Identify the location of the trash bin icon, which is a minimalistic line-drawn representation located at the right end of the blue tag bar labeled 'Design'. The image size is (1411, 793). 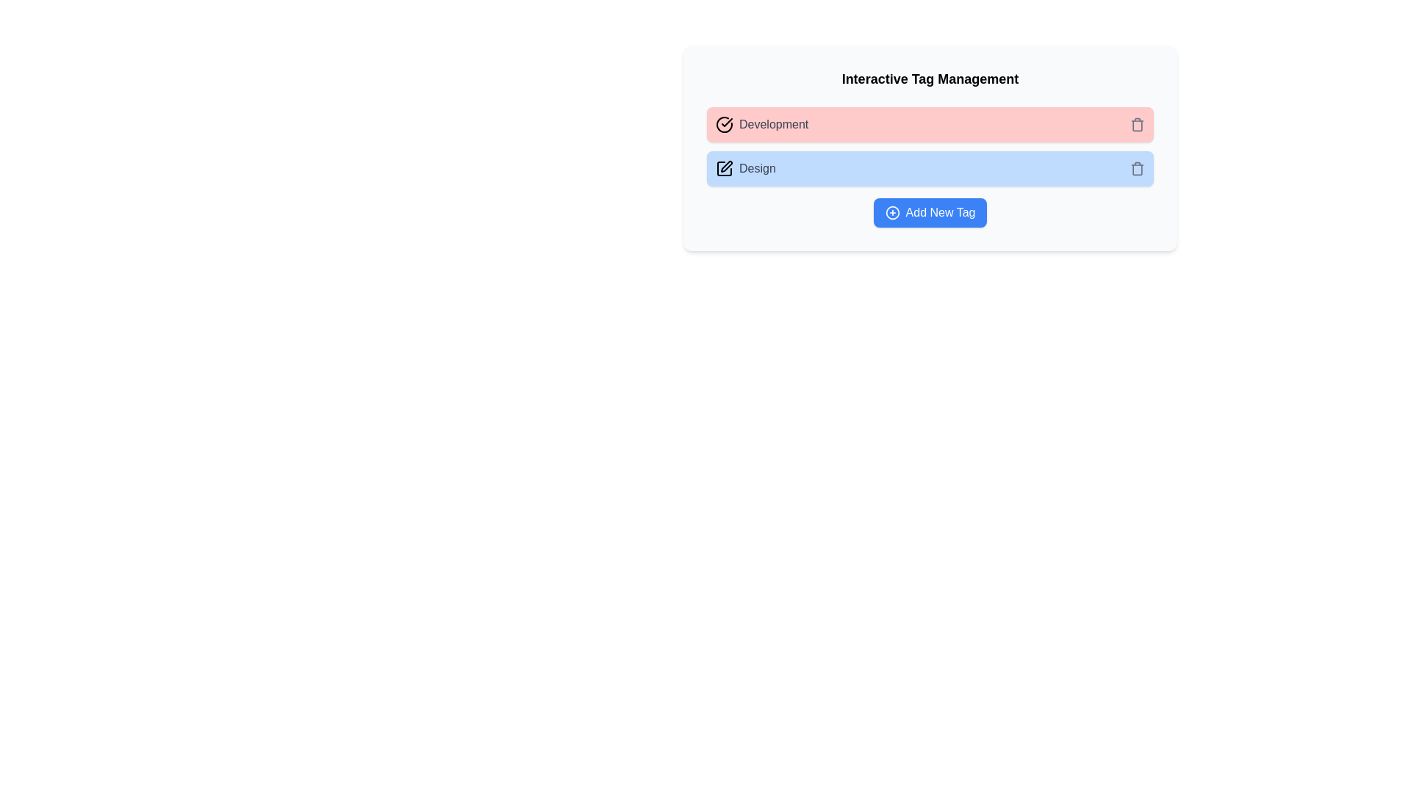
(1137, 169).